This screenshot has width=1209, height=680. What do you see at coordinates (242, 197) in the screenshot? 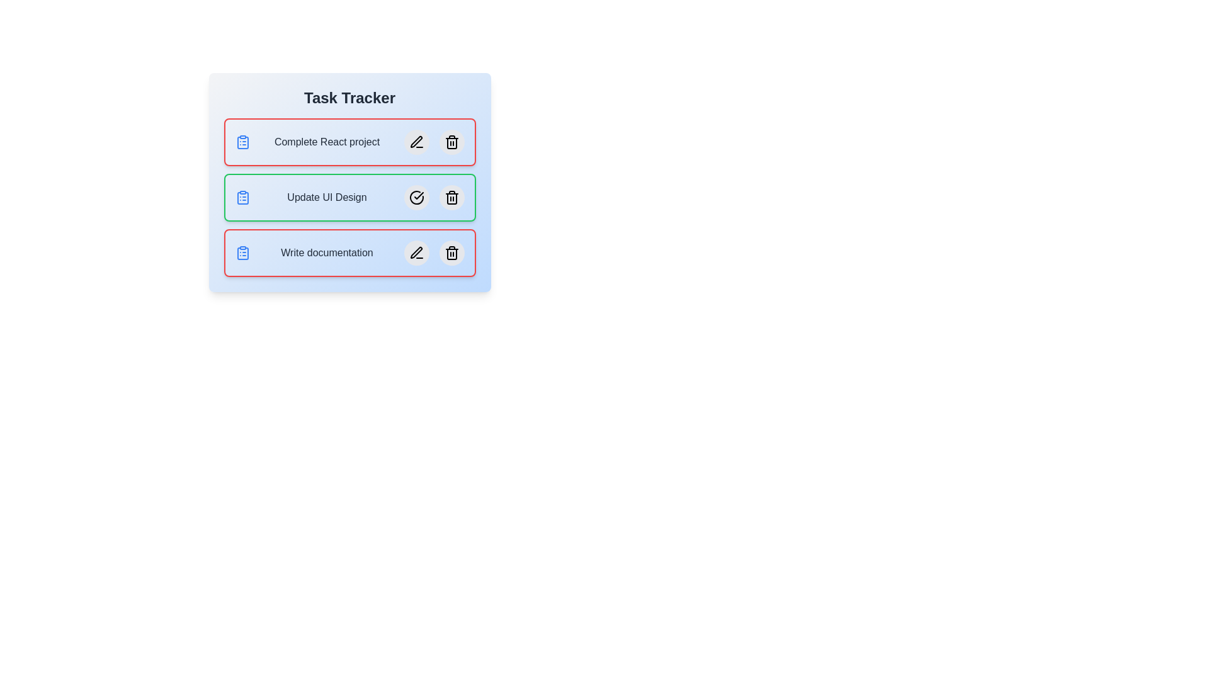
I see `the toggle icon of the task Update UI Design` at bounding box center [242, 197].